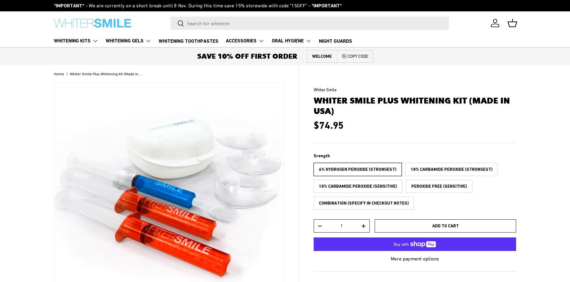 This screenshot has height=282, width=570. What do you see at coordinates (247, 56) in the screenshot?
I see `'SAVE 10% OFF FIRST ORDER'` at bounding box center [247, 56].